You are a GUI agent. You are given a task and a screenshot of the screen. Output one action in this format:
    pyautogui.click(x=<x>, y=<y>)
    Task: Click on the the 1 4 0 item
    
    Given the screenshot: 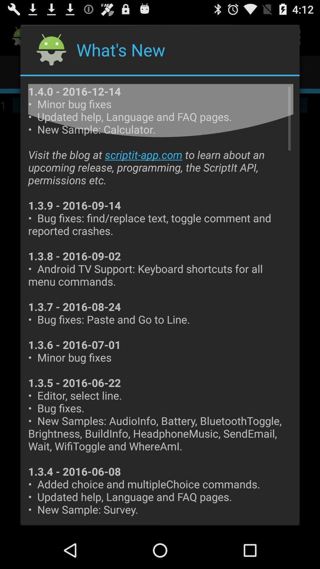 What is the action you would take?
    pyautogui.click(x=161, y=301)
    